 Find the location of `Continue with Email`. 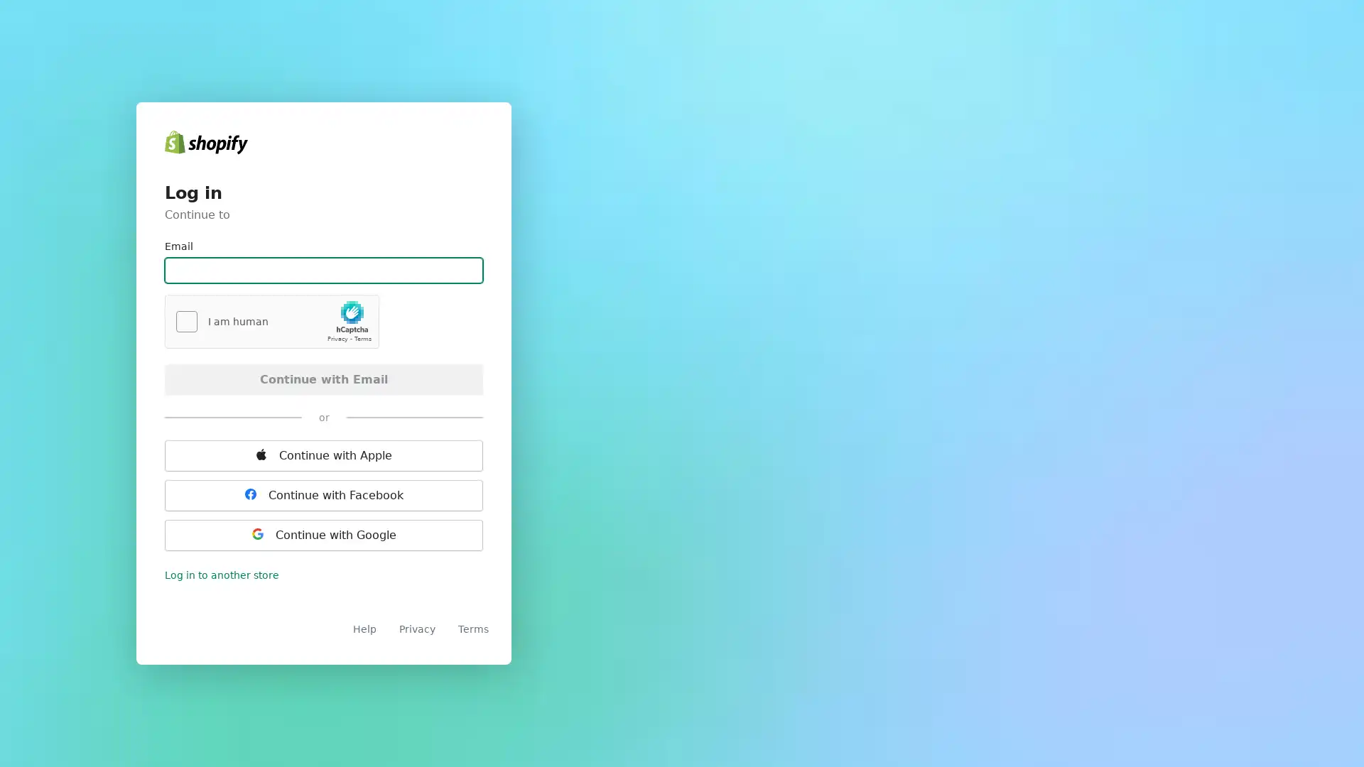

Continue with Email is located at coordinates (323, 378).